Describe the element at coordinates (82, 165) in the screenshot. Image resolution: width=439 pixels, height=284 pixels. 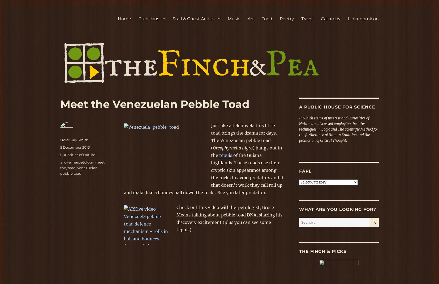
I see `'meet the'` at that location.